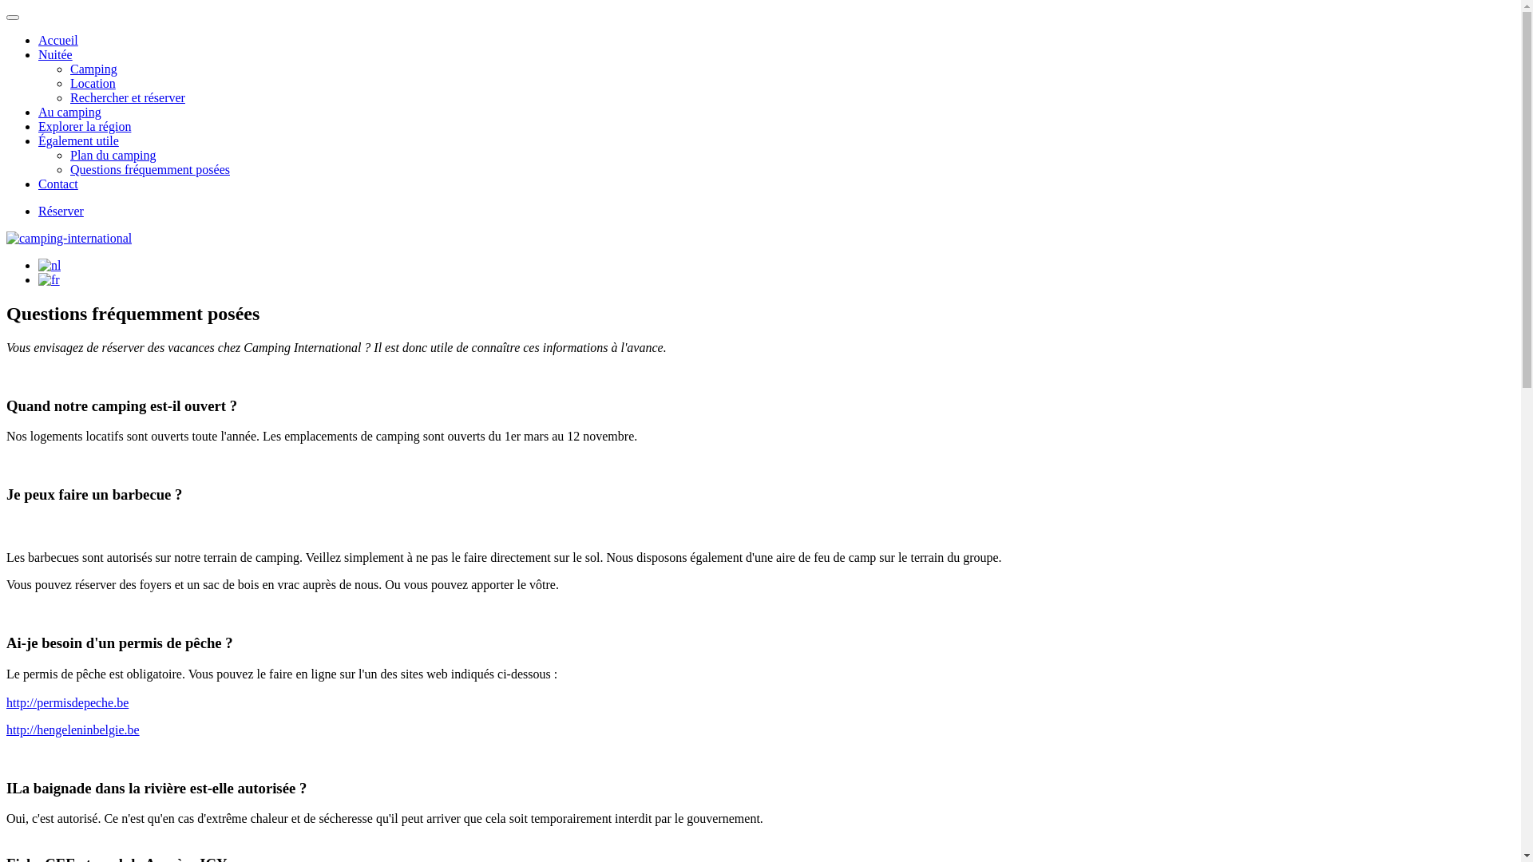 This screenshot has width=1533, height=862. Describe the element at coordinates (57, 183) in the screenshot. I see `'Contact'` at that location.